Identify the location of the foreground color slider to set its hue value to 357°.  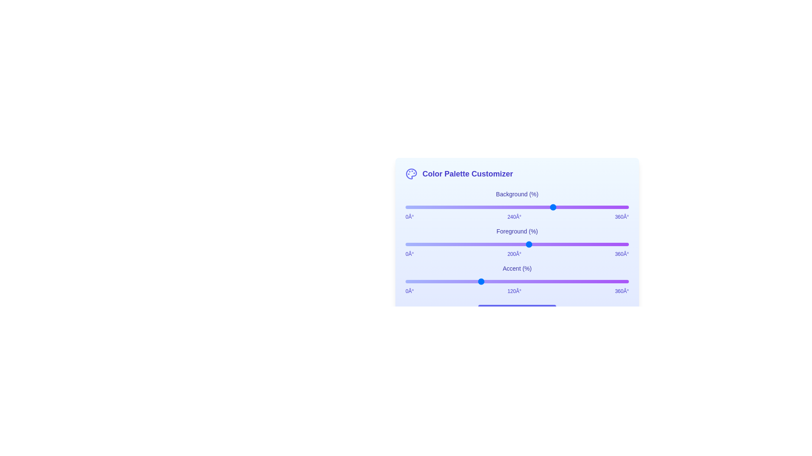
(627, 244).